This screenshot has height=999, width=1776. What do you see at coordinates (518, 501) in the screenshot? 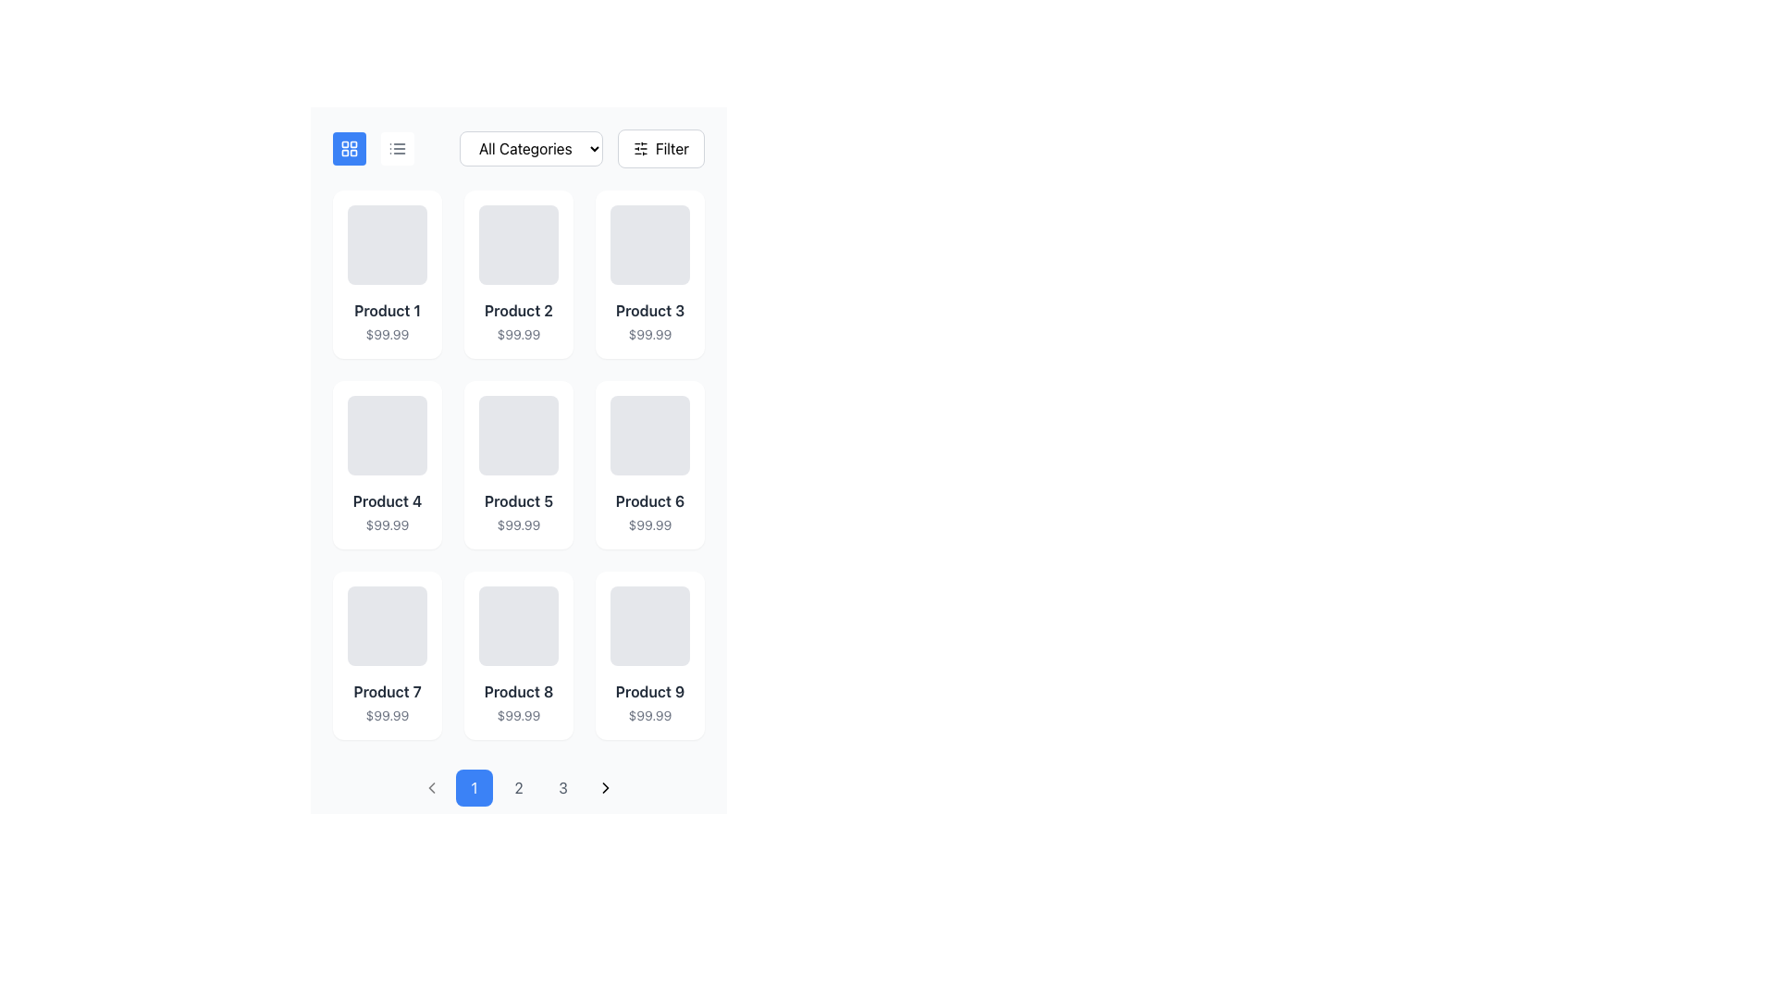
I see `the text label displaying the product name in the center column of the second row of the product grid` at bounding box center [518, 501].